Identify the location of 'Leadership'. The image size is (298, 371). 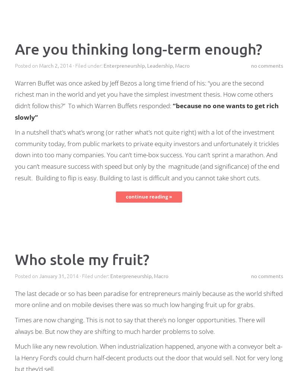
(160, 65).